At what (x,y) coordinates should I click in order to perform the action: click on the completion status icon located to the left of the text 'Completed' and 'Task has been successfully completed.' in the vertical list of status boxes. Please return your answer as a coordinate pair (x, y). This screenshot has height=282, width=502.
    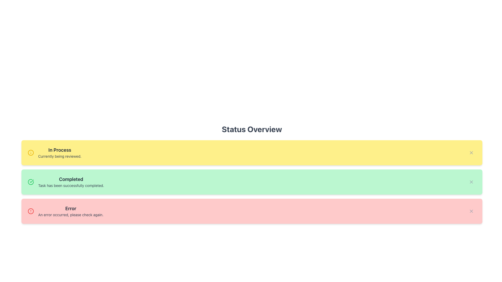
    Looking at the image, I should click on (31, 182).